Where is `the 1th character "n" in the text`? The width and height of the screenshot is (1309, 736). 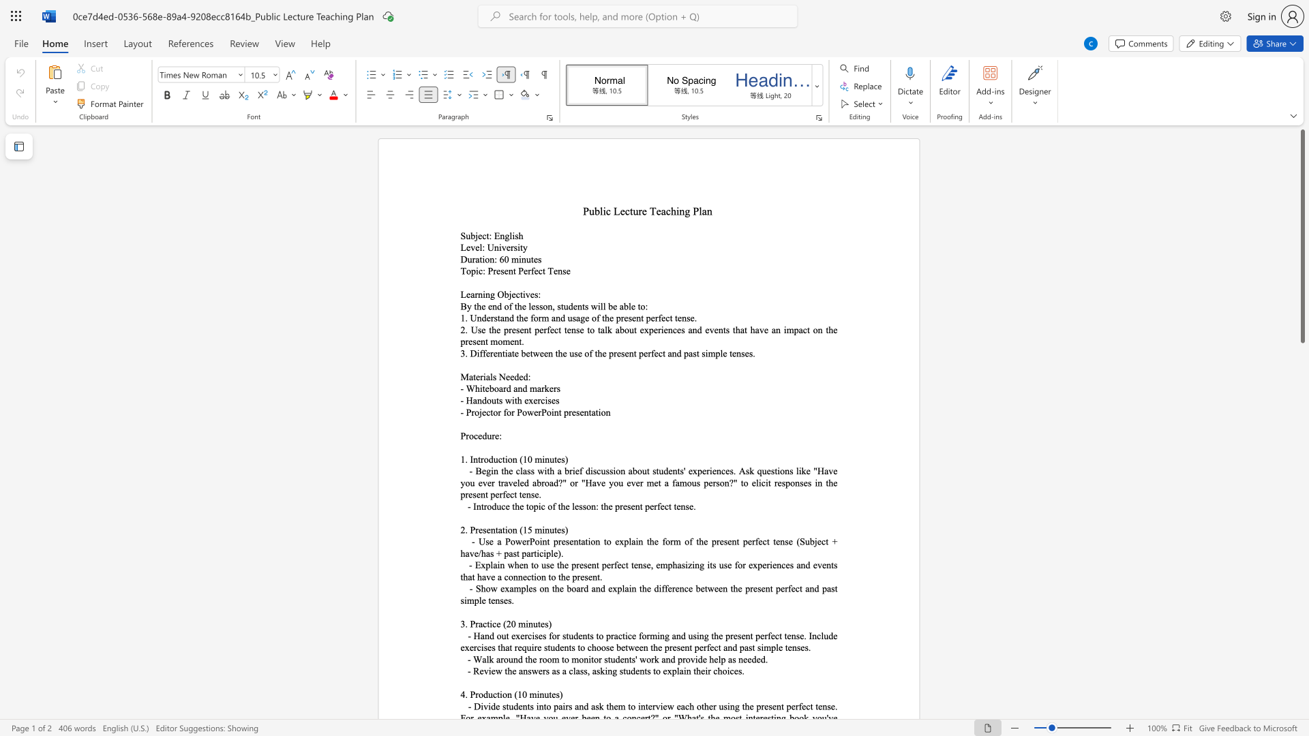 the 1th character "n" in the text is located at coordinates (520, 388).